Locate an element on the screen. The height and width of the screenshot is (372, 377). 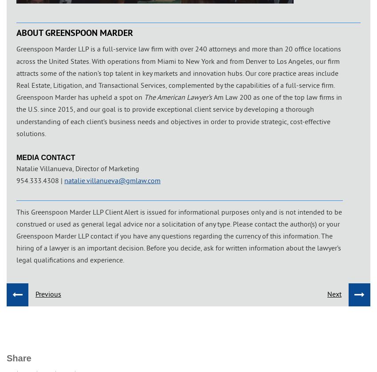
'Greenspoon Marder LLP is a full-service law firm with over 240 attorneys and more than 20 office locations across the United States. With operations from Miami to New York and from Denver to Los Angeles, our firm attracts some of the nation’s top talent in key markets and innovation hubs. Our core practice areas include Real Estate, Litigation, and Transactional Services, complemented by the capabilities of a full-service firm.  Greenspoon Marder has upheld a spot on' is located at coordinates (16, 73).